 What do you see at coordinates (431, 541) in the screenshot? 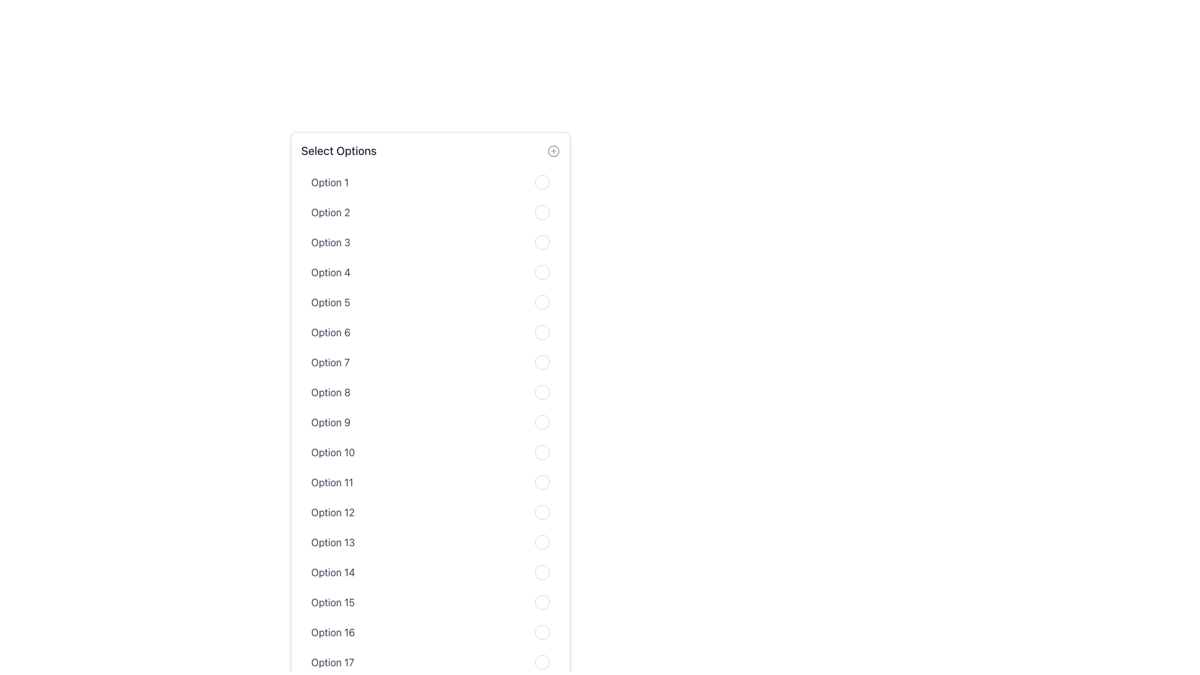
I see `the 13th selectable option labeled 'Option 13' in the scrollable list` at bounding box center [431, 541].